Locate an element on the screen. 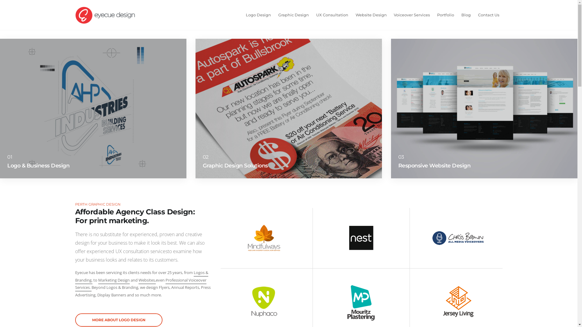  'UX Consultation' is located at coordinates (332, 15).